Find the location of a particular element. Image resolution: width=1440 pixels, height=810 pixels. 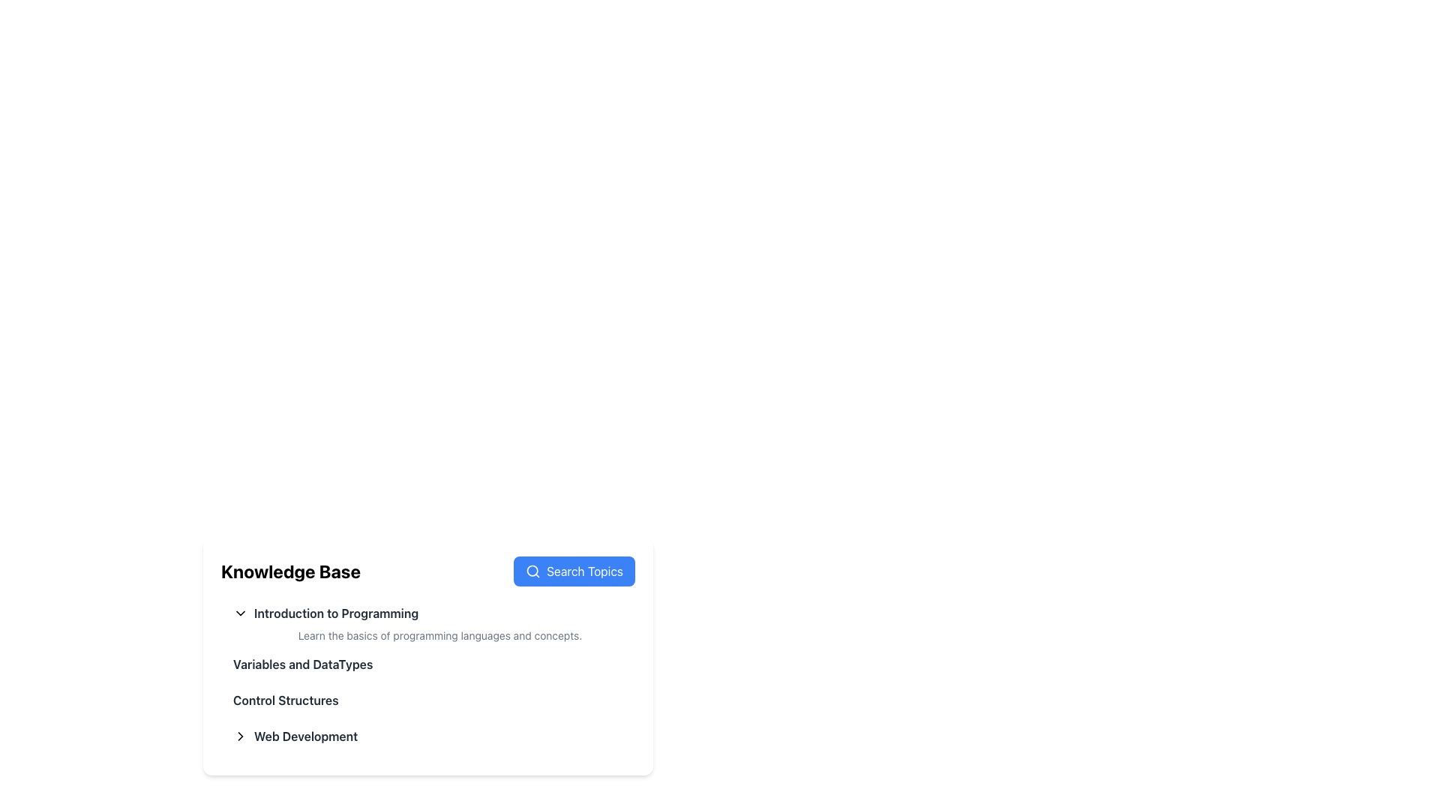

the chevron down icon is located at coordinates (241, 613).